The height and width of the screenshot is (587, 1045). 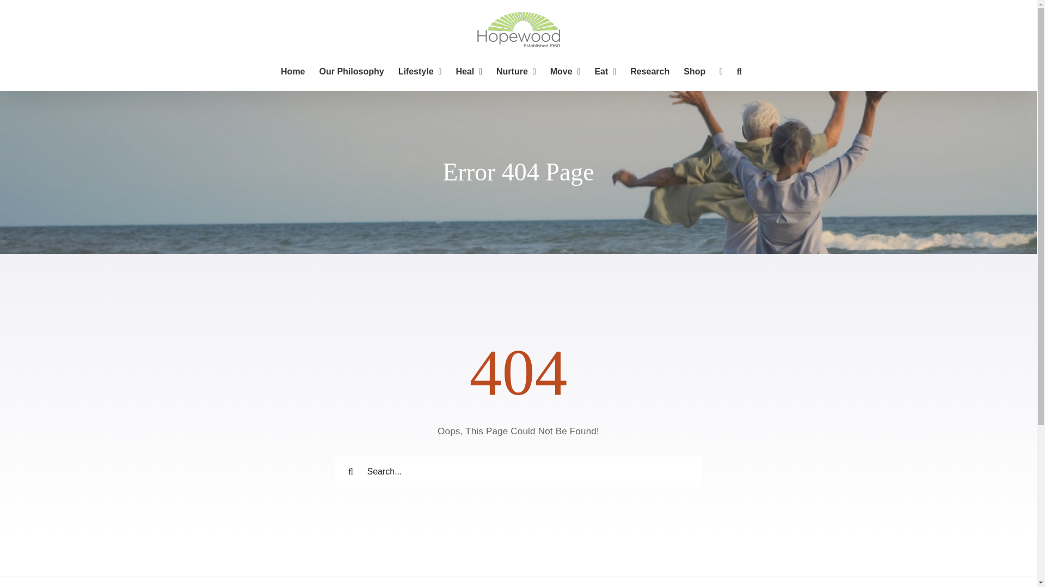 I want to click on 'Heal', so click(x=469, y=71).